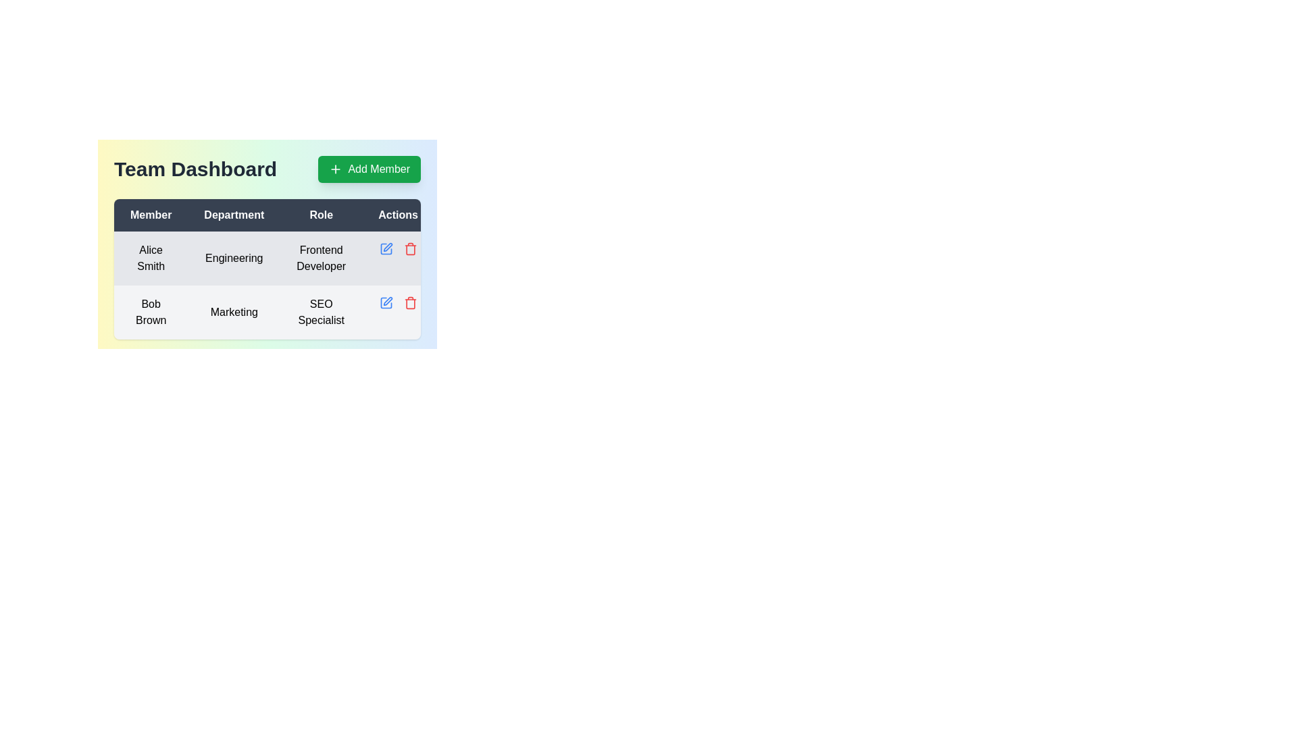  Describe the element at coordinates (320, 215) in the screenshot. I see `the Table Header Cell labeled 'Role', which is the third column header in the table, positioned between 'Department' and 'Actions'` at that location.